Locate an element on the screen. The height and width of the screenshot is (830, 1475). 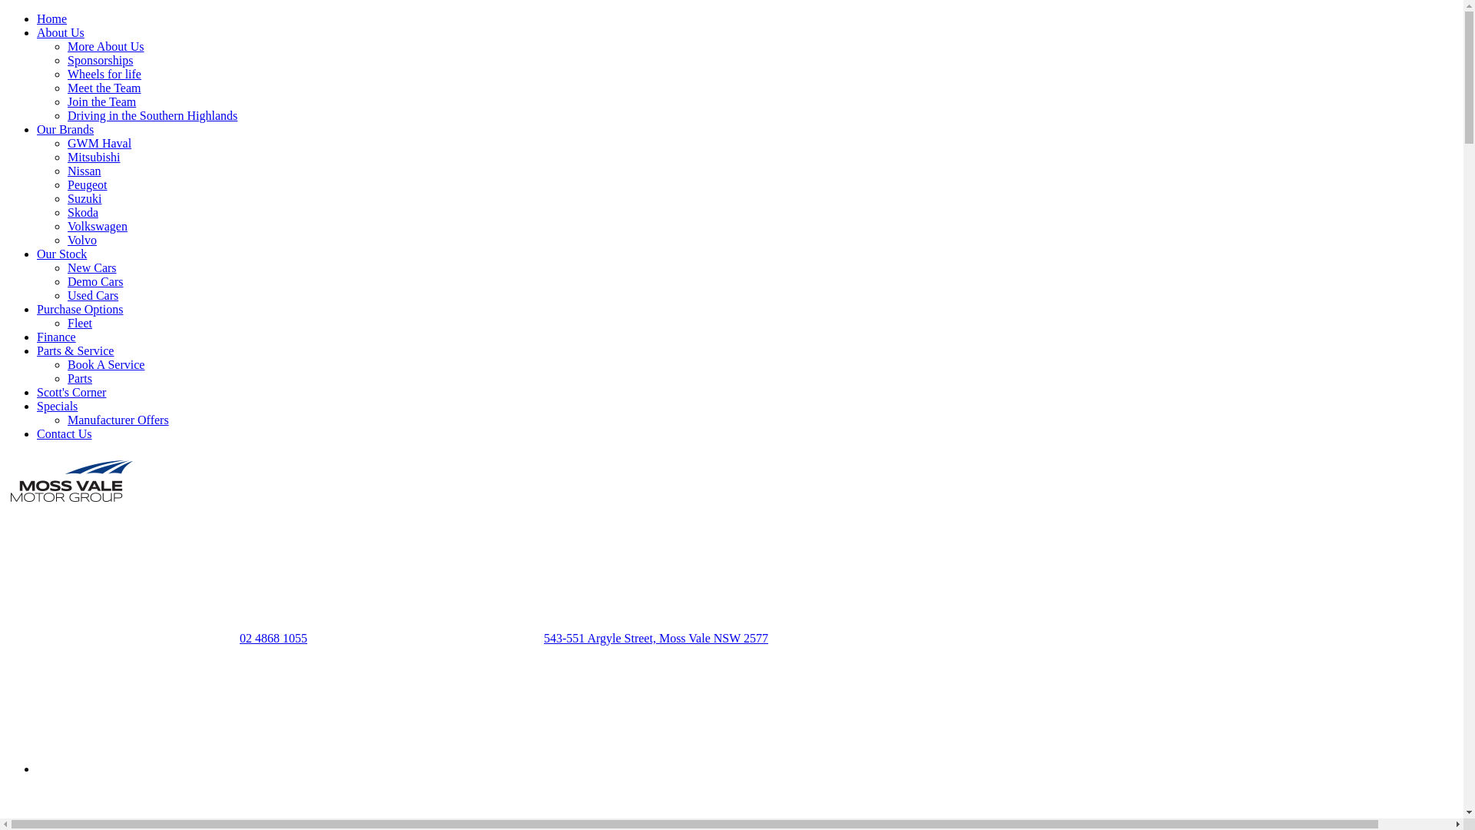
'543-551 Argyle Street, Moss Vale NSW 2577' is located at coordinates (656, 638).